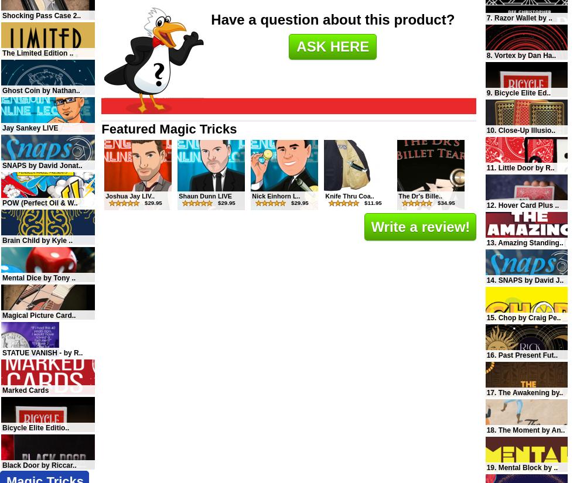  I want to click on '13. Amazing Standing..', so click(485, 242).